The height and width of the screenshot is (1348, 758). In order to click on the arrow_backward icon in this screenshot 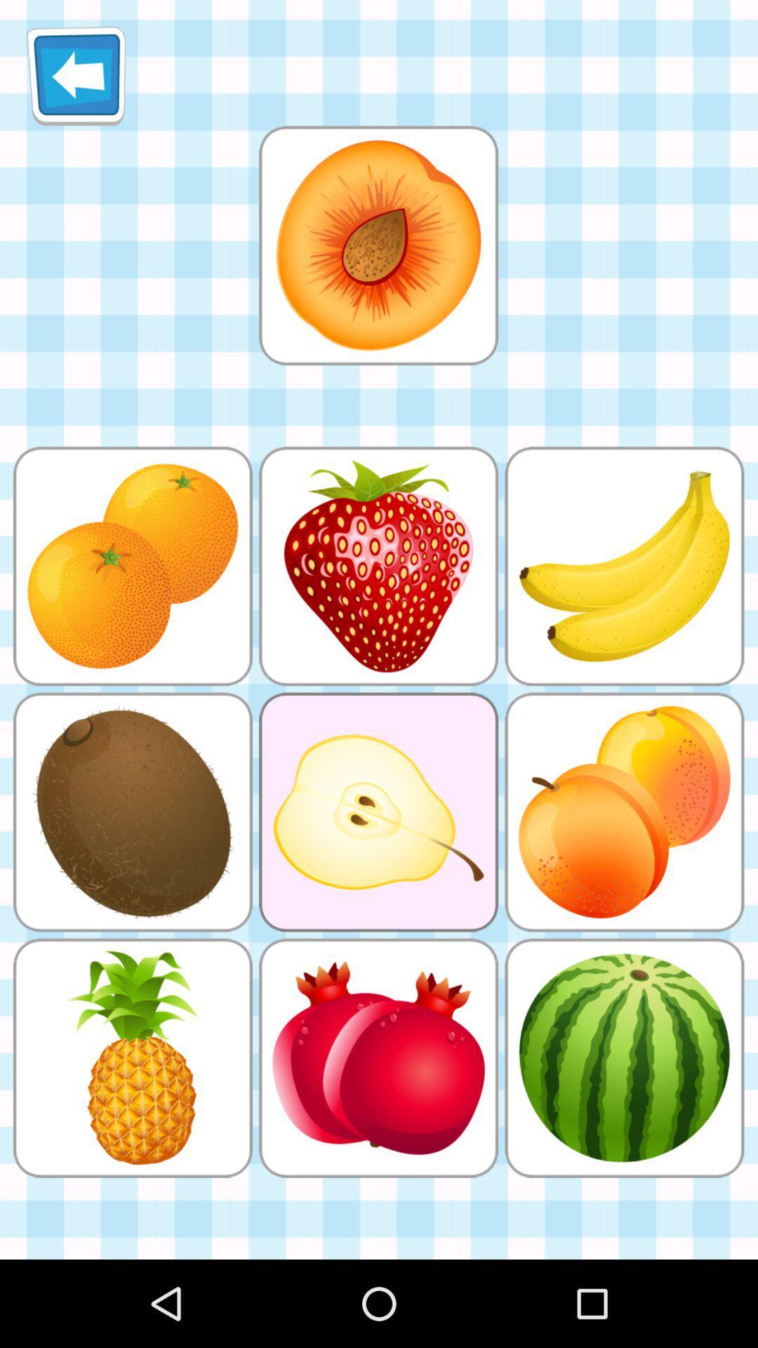, I will do `click(76, 81)`.